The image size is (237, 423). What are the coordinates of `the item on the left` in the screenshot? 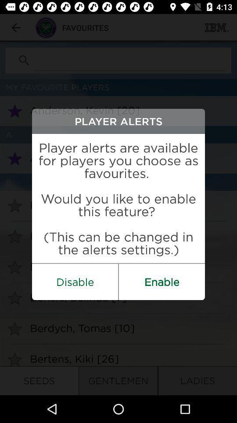 It's located at (75, 281).